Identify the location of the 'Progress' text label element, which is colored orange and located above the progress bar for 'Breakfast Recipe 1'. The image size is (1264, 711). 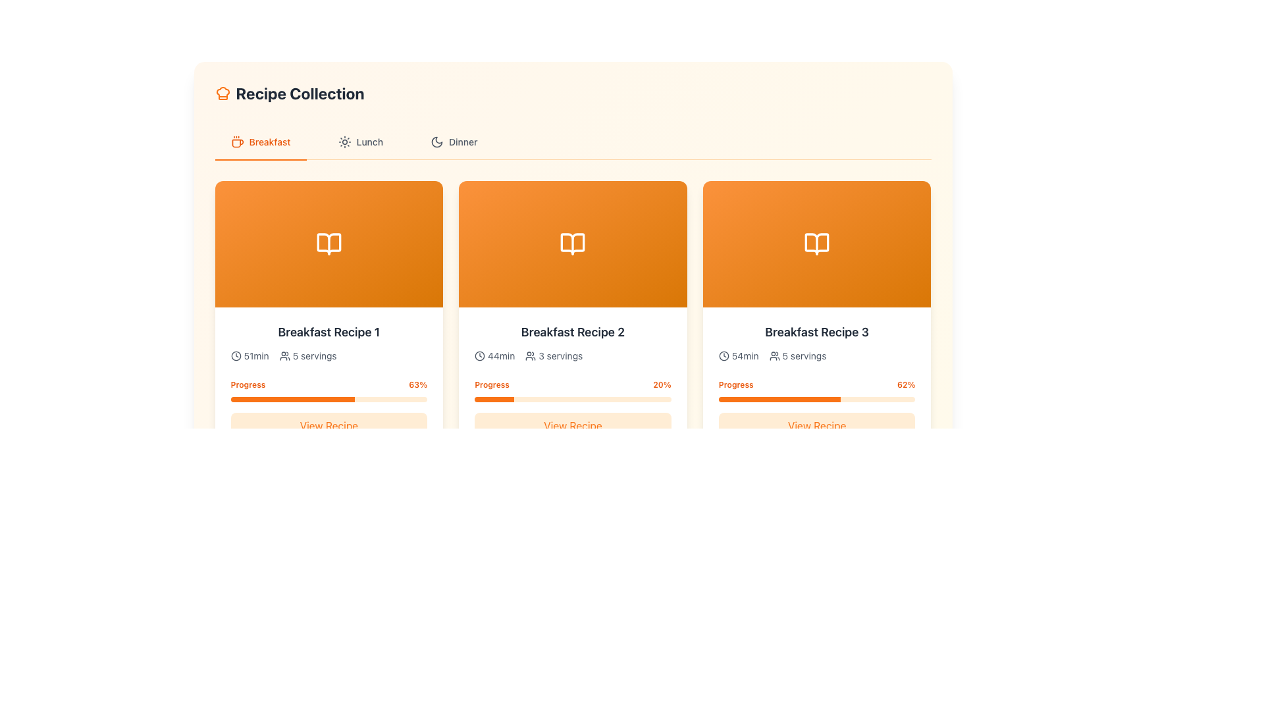
(248, 385).